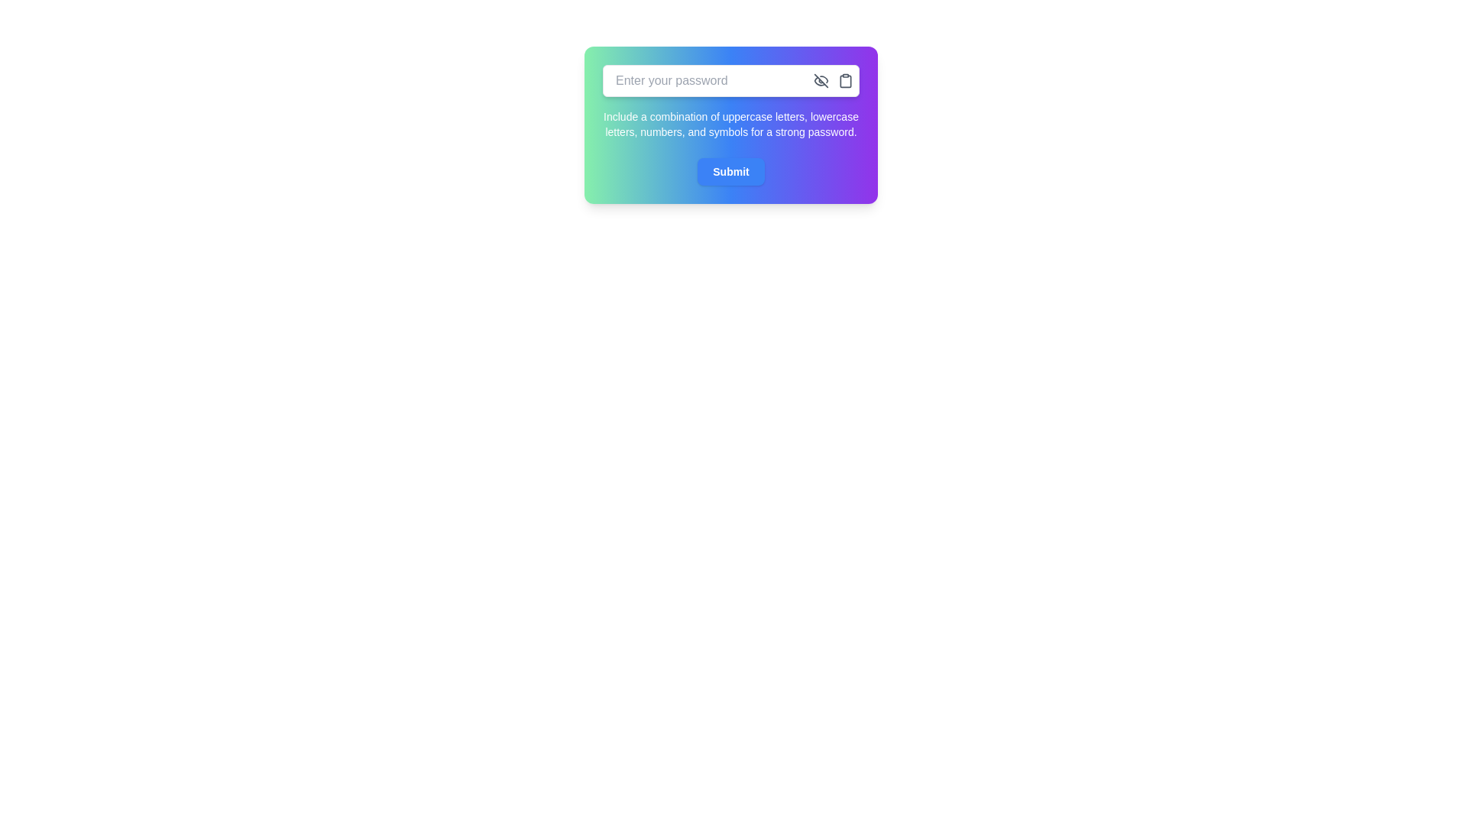  What do you see at coordinates (821, 80) in the screenshot?
I see `the eye-off icon button located to the right of the password input field` at bounding box center [821, 80].